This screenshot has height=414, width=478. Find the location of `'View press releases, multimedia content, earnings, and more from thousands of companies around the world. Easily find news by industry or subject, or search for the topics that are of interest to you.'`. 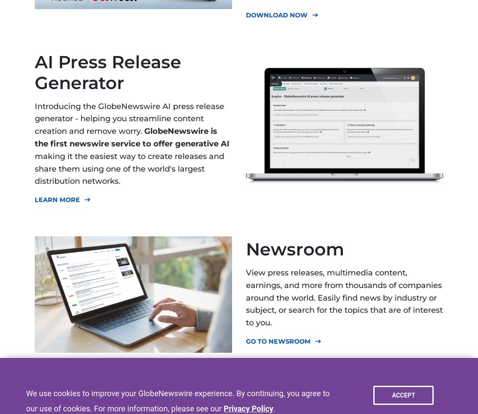

'View press releases, multimedia content, earnings, and more from thousands of companies around the world. Easily find news by industry or subject, or search for the topics that are of interest to you.' is located at coordinates (344, 298).